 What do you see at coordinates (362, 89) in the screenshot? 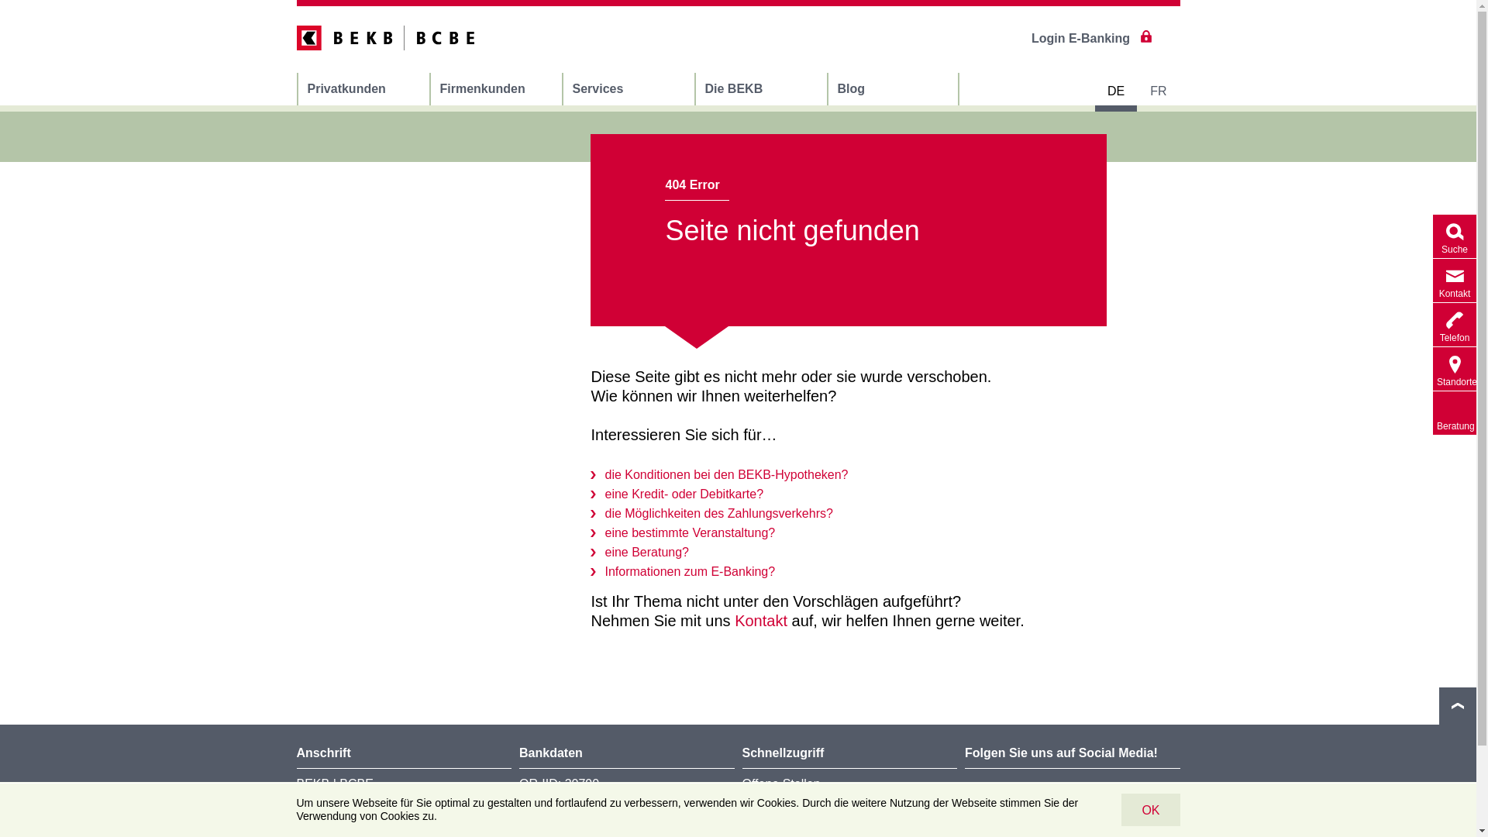
I see `'Privatkunden'` at bounding box center [362, 89].